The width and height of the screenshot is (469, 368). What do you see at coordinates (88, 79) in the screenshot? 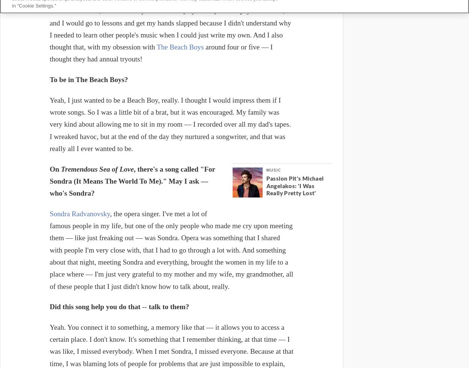
I see `'To be in The Beach Boys?'` at bounding box center [88, 79].